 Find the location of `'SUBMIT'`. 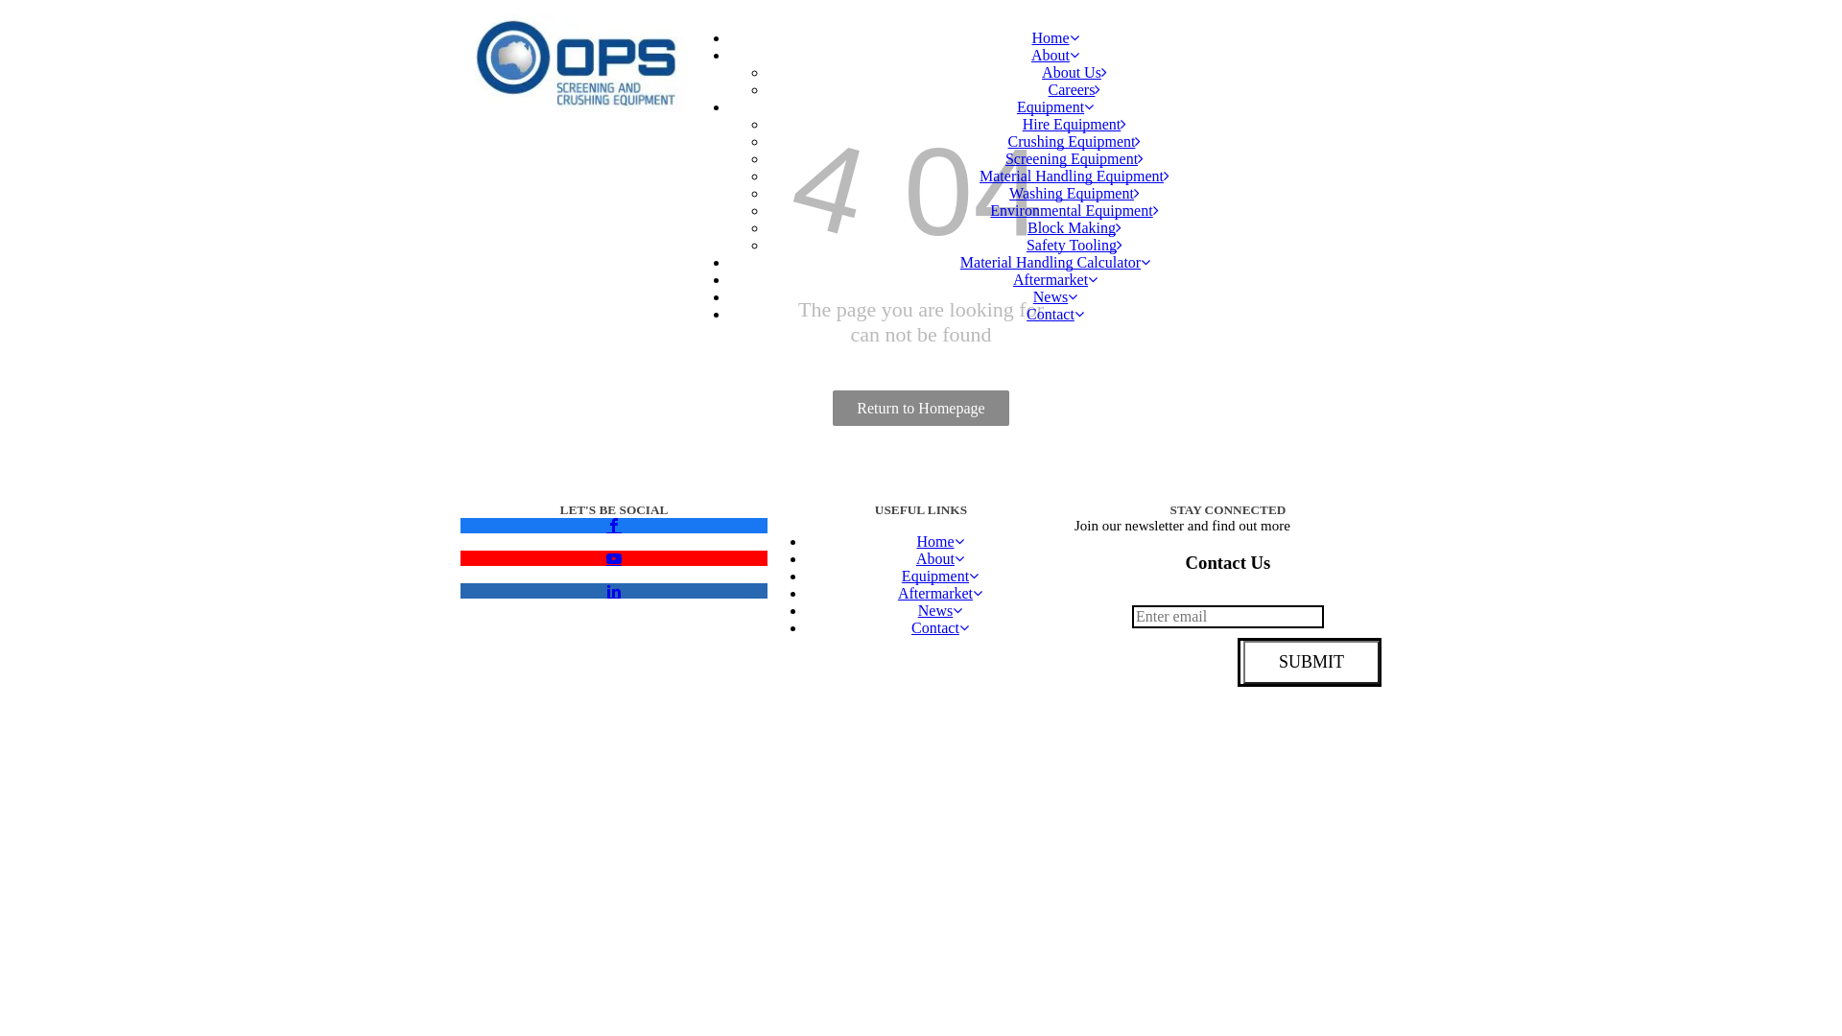

'SUBMIT' is located at coordinates (1310, 661).